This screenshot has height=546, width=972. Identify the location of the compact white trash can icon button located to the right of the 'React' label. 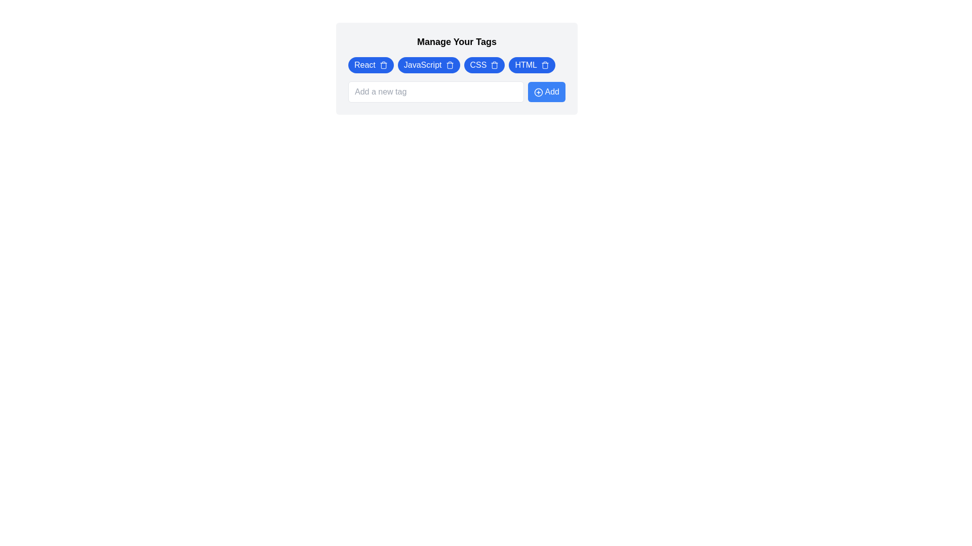
(383, 65).